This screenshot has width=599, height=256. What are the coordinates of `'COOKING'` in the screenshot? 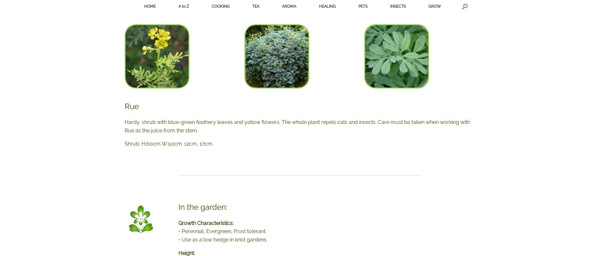 It's located at (220, 6).